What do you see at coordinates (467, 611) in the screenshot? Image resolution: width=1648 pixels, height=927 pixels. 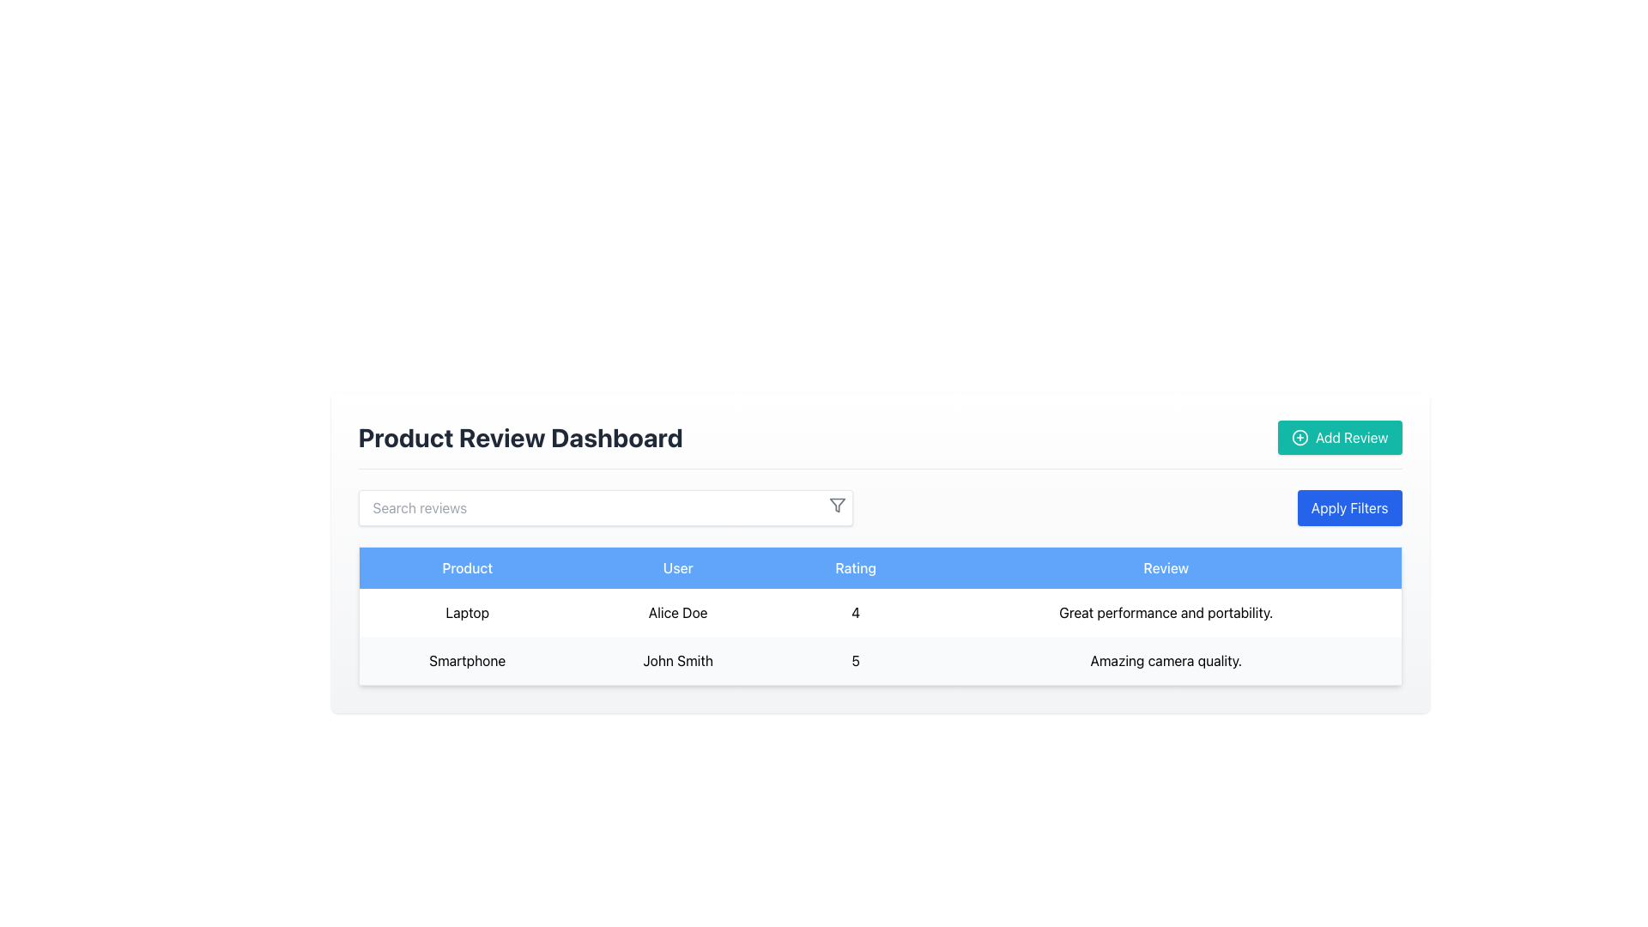 I see `the Text label displaying the product name, located in the first row of the table under the 'Product' column` at bounding box center [467, 611].